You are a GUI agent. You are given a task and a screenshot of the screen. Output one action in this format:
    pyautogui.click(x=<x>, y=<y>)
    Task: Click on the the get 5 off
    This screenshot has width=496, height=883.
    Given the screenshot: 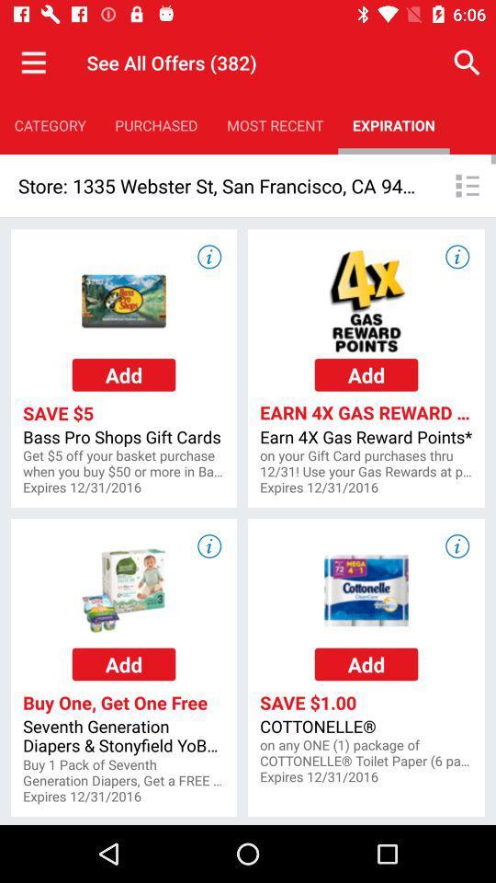 What is the action you would take?
    pyautogui.click(x=124, y=463)
    